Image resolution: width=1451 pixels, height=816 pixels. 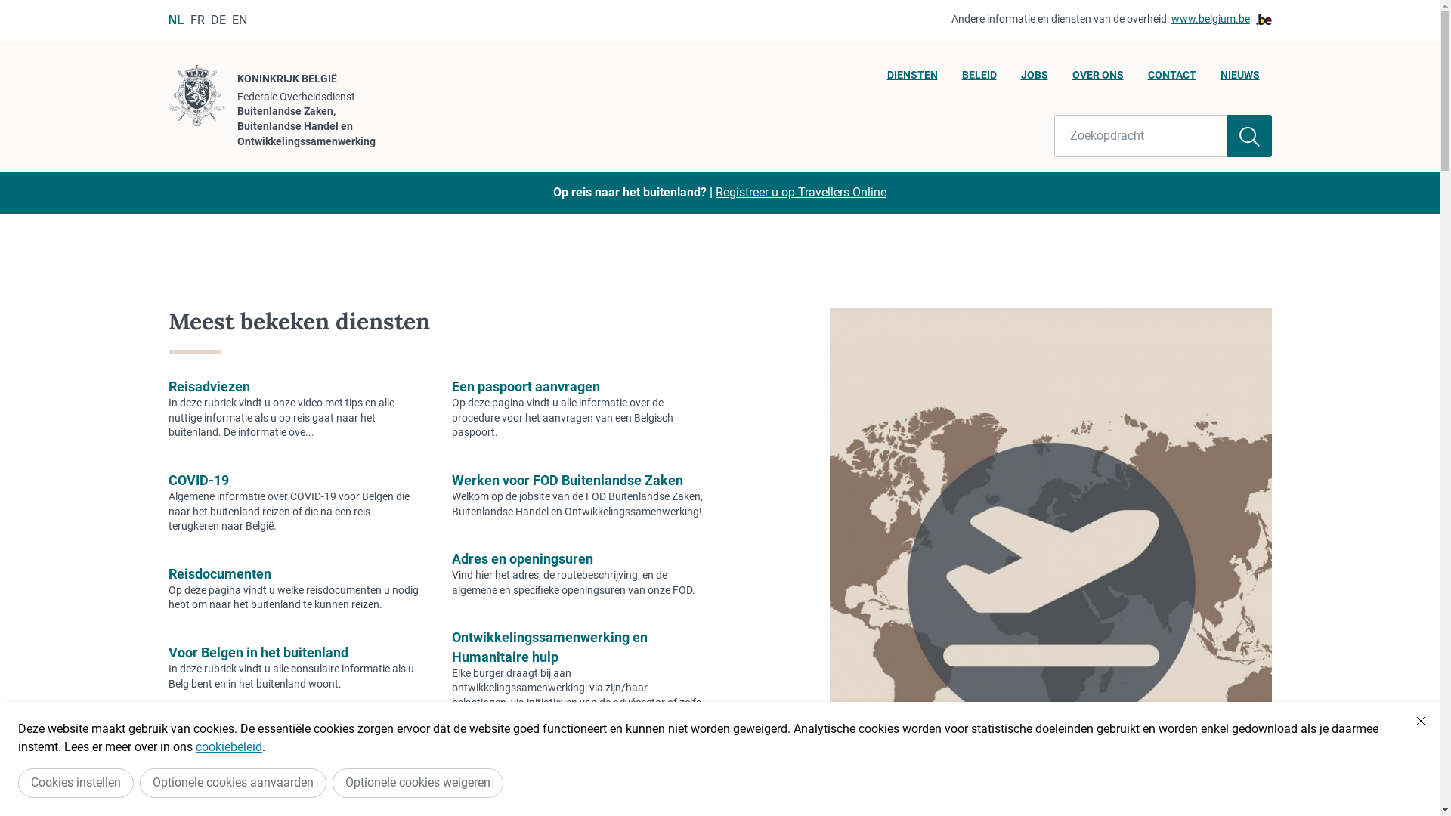 I want to click on 'Registreer u op Travellers Online', so click(x=800, y=191).